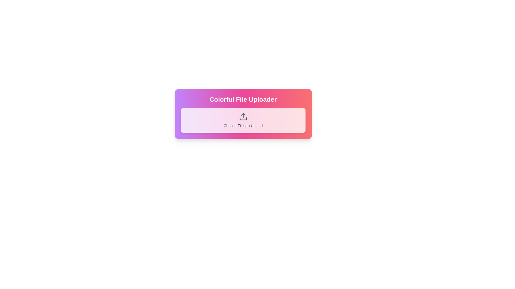  I want to click on the bottom segment of the upload icon, which is a black horizontal line part of the upload graphic, so click(243, 118).